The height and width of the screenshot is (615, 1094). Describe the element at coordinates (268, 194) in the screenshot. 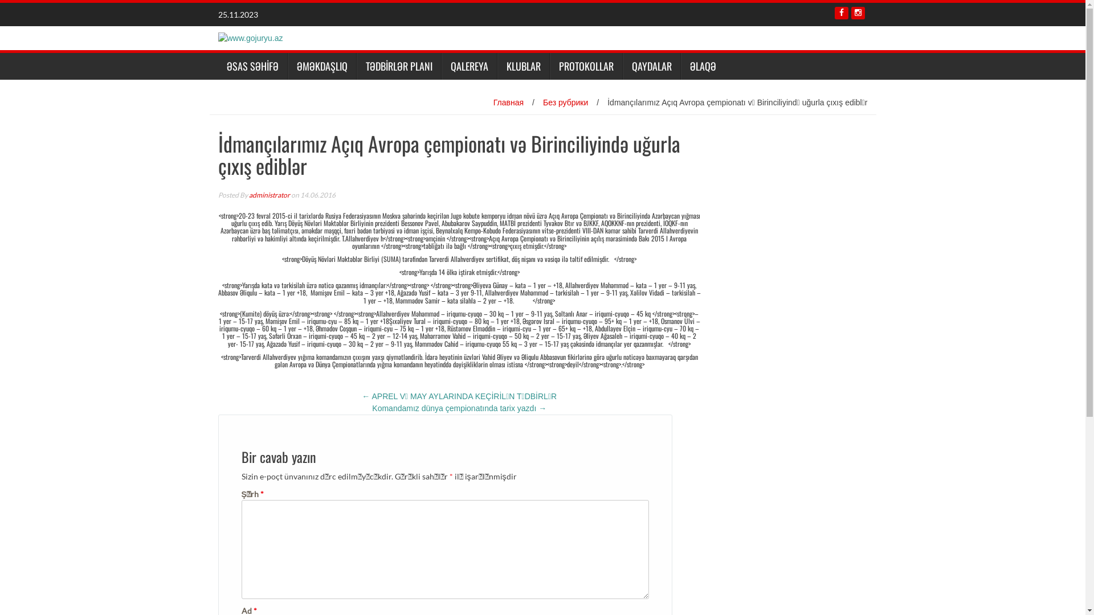

I see `'administrator'` at that location.